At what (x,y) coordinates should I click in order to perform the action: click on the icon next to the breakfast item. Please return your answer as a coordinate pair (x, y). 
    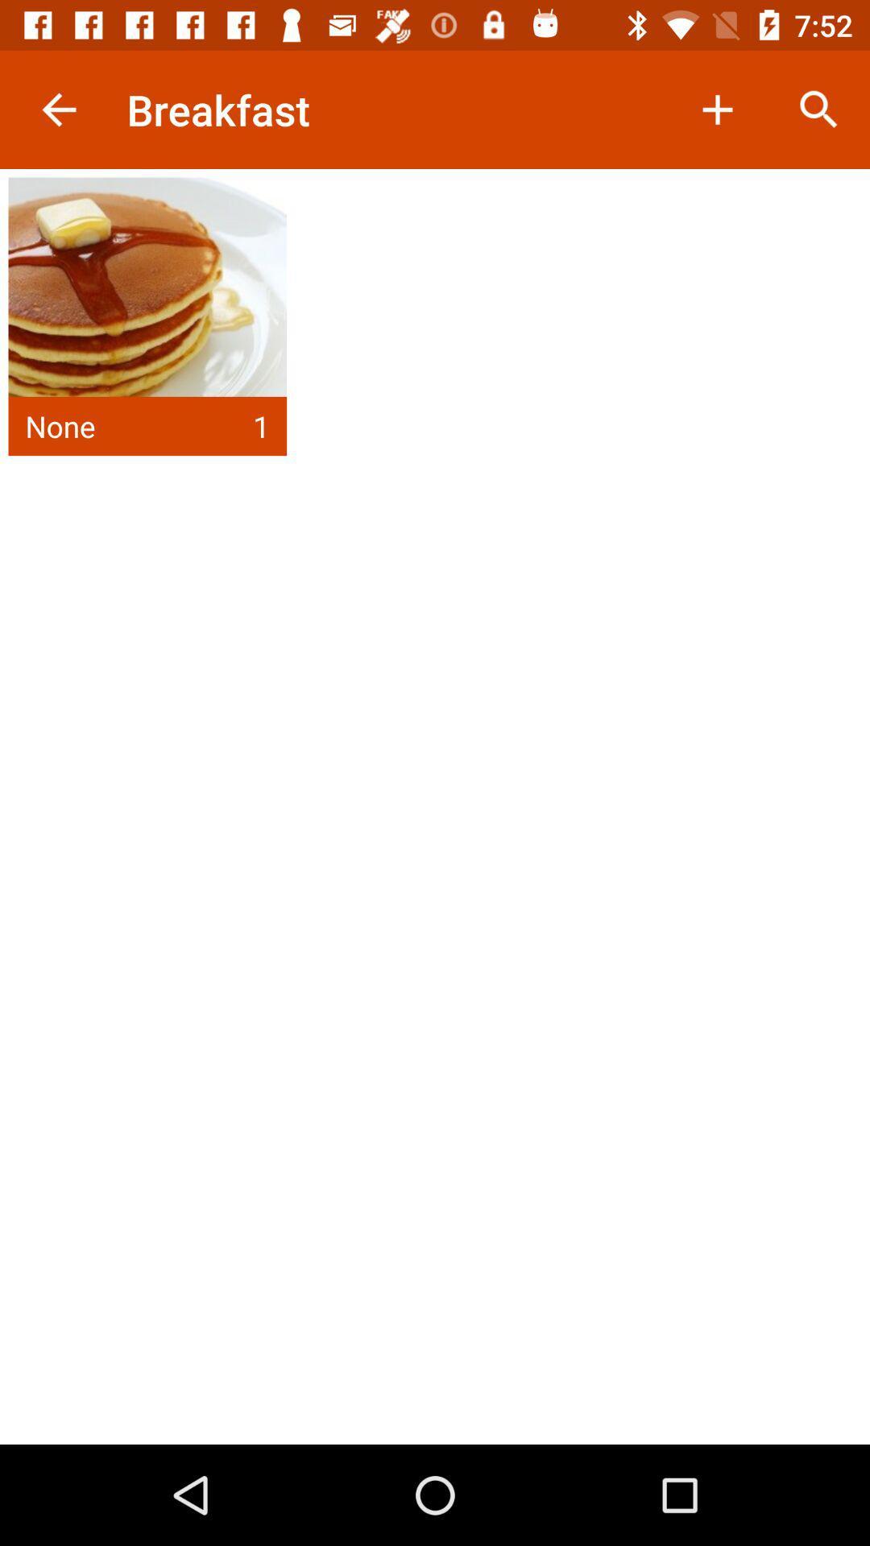
    Looking at the image, I should click on (717, 109).